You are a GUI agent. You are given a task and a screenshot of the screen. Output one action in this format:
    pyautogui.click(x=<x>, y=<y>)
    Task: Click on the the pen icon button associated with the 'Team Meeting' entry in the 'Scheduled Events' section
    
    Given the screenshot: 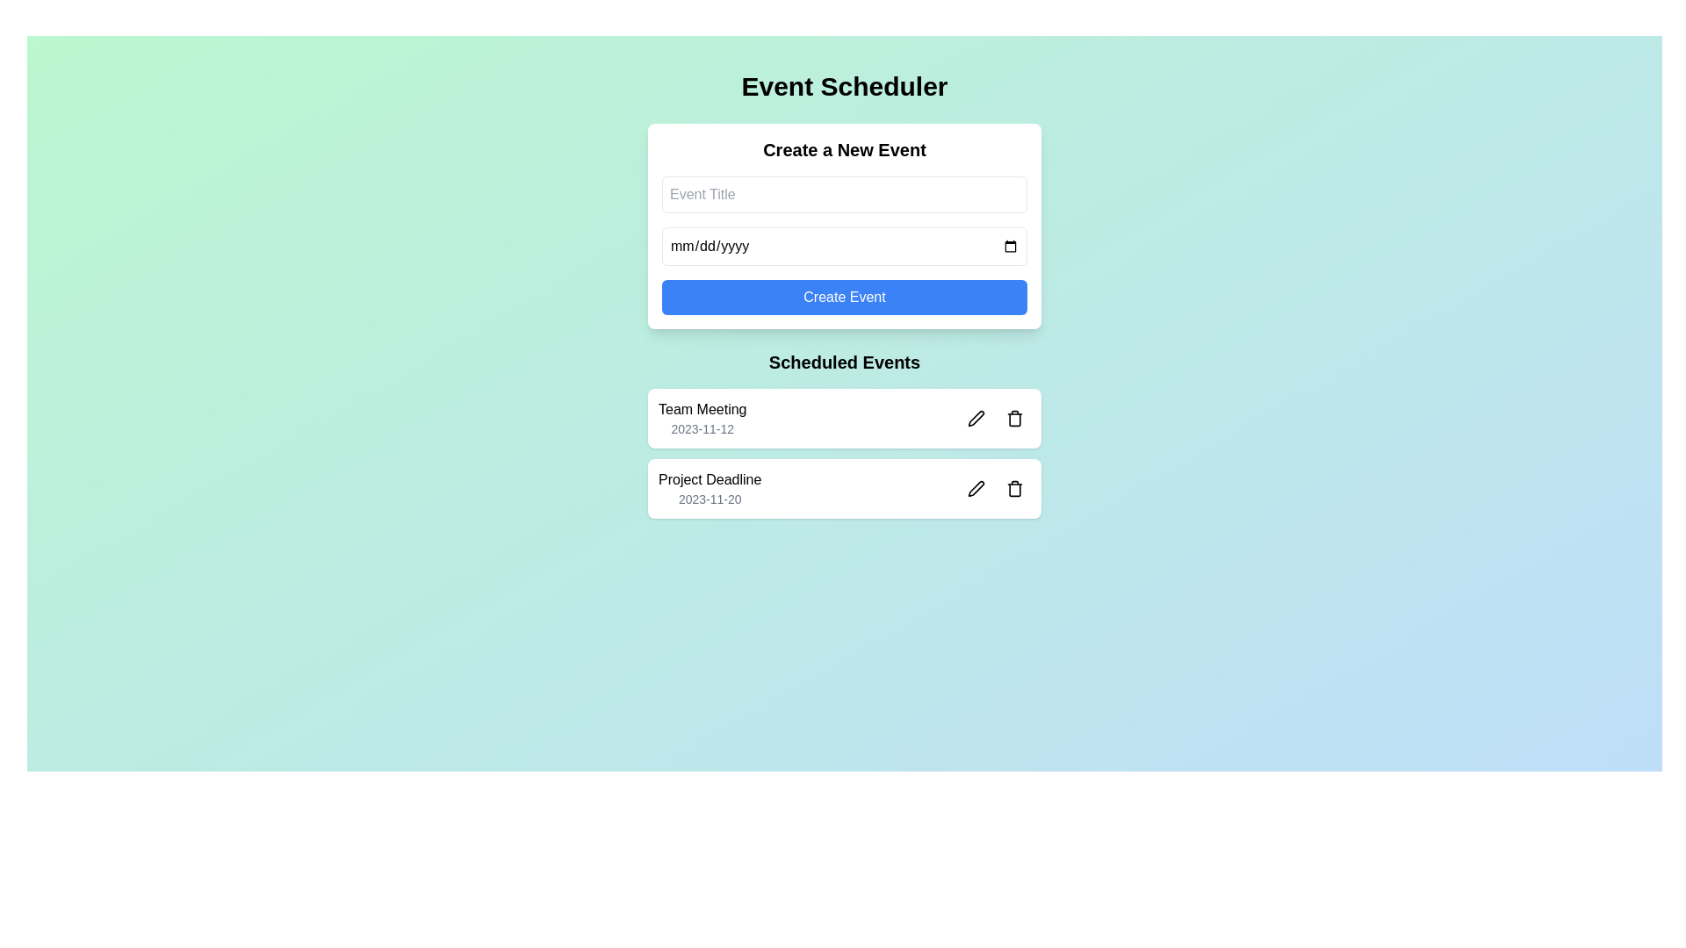 What is the action you would take?
    pyautogui.click(x=976, y=487)
    